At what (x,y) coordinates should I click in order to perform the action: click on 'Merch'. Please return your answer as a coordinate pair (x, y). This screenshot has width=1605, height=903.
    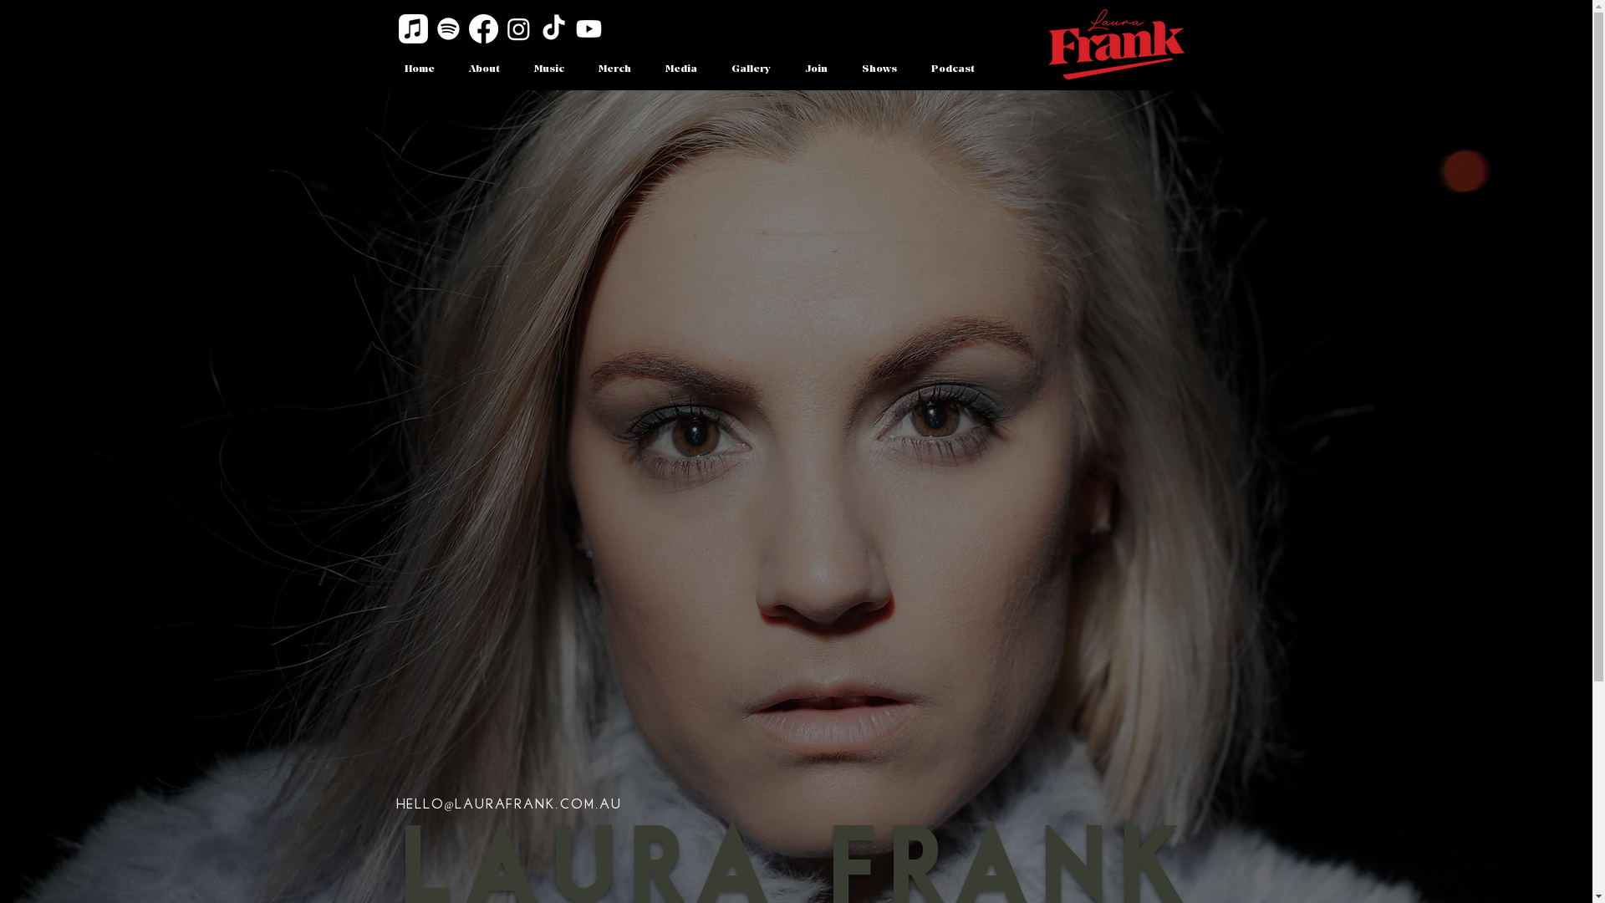
    Looking at the image, I should click on (614, 69).